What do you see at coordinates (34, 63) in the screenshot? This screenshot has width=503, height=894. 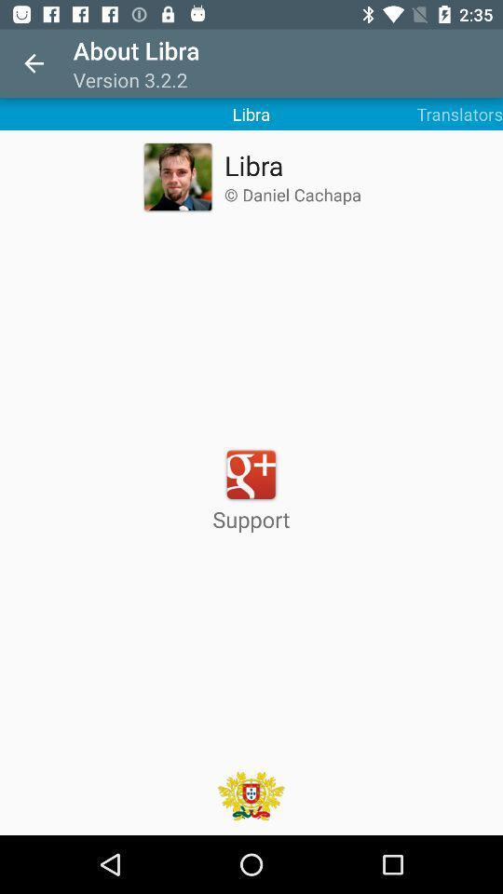 I see `icon to the left of version 3 2 app` at bounding box center [34, 63].